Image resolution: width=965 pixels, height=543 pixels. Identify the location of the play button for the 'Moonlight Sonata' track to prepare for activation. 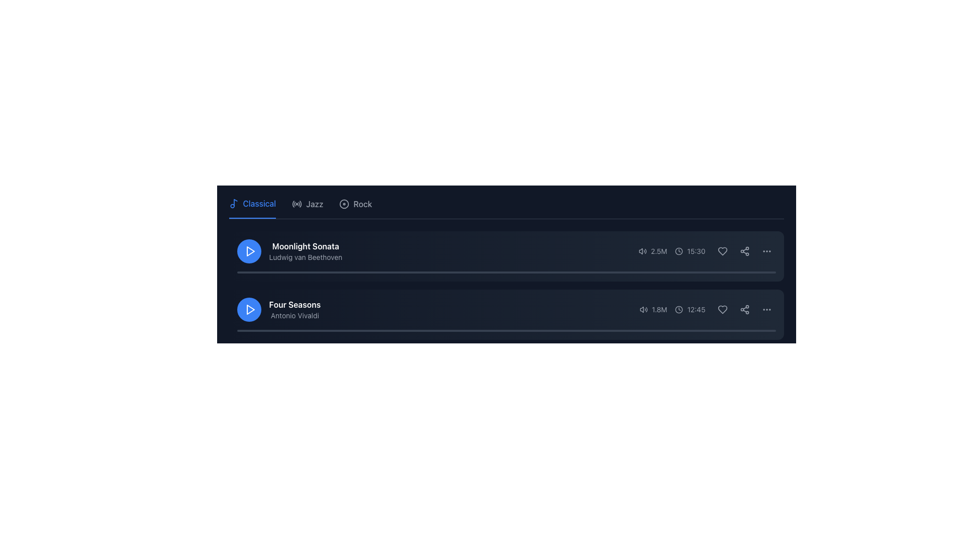
(249, 251).